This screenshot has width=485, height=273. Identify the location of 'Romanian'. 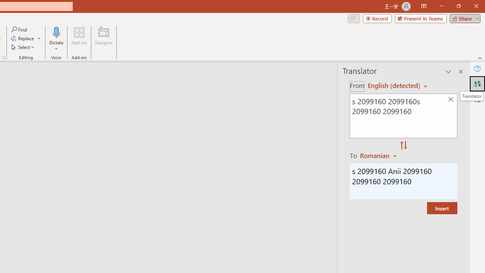
(379, 155).